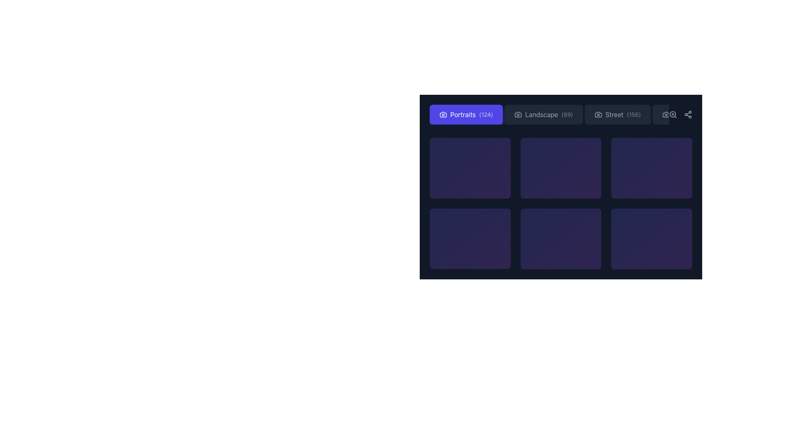 This screenshot has width=794, height=447. Describe the element at coordinates (561, 168) in the screenshot. I see `the third visual card in the top row of the gallery` at that location.